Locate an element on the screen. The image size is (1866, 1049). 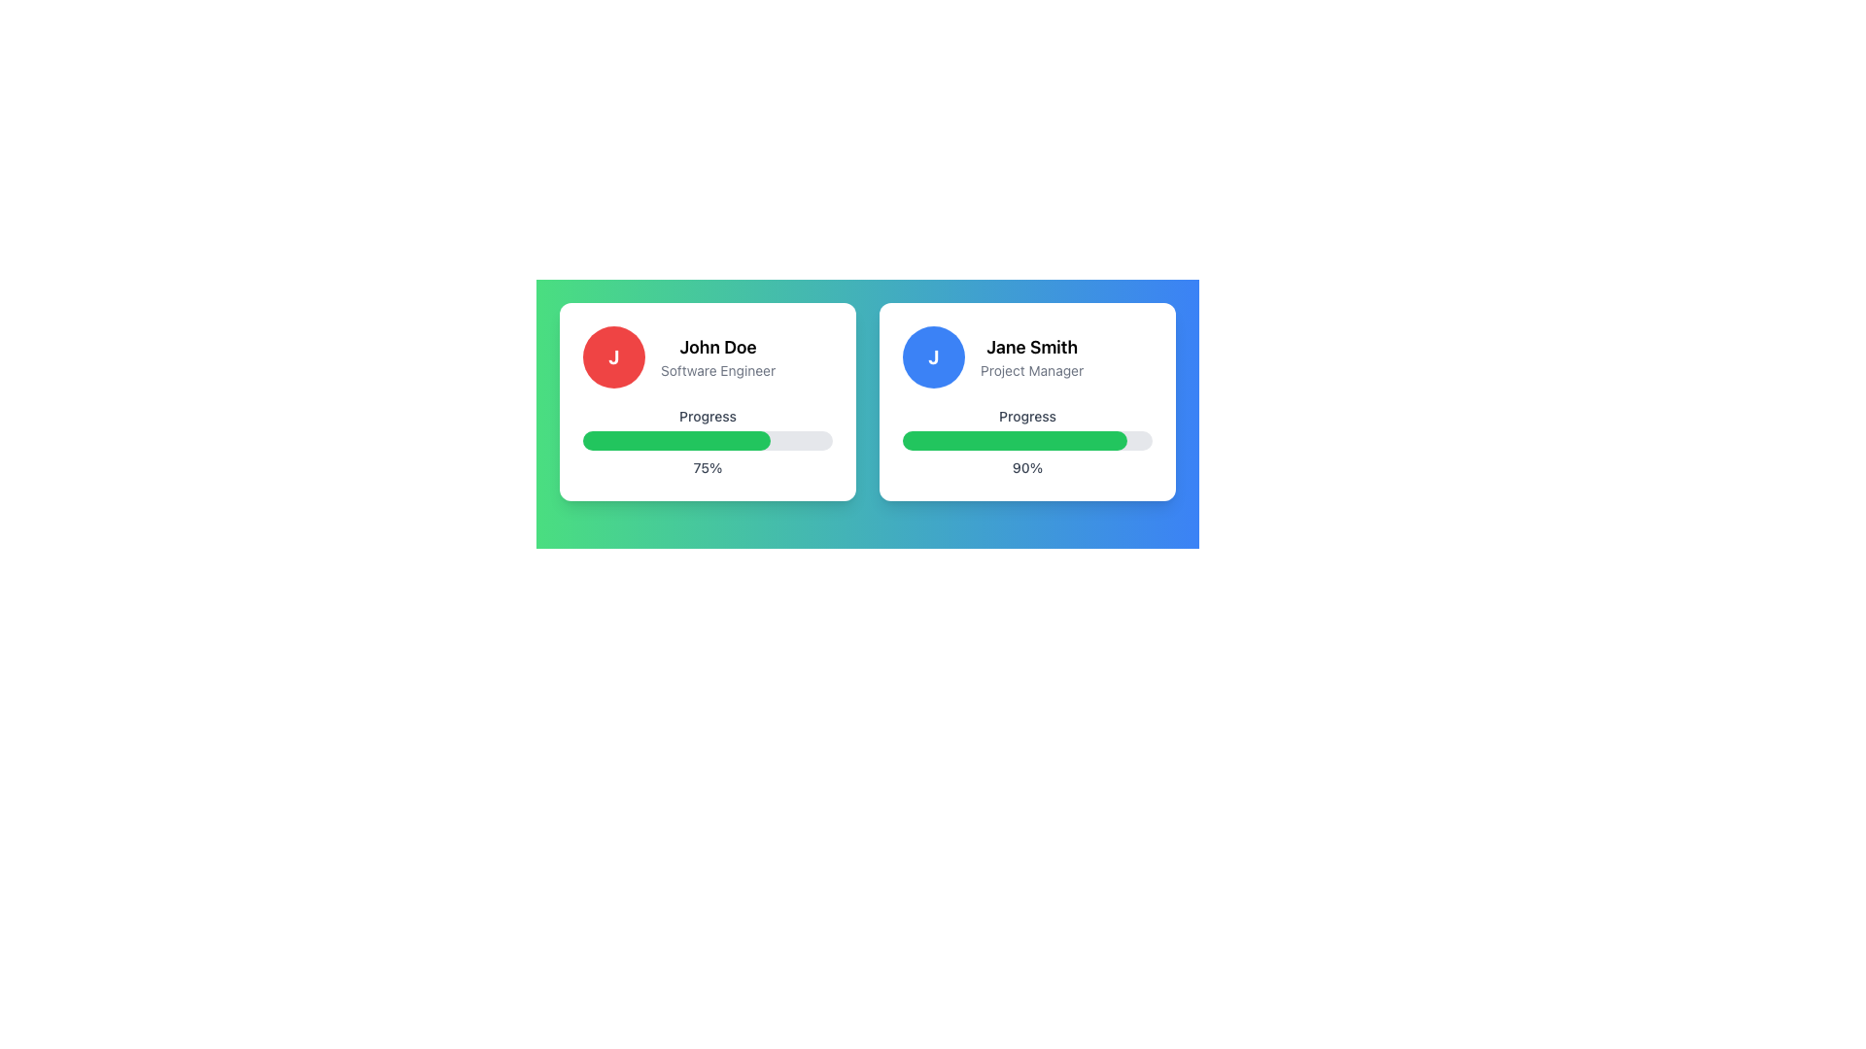
the Profile Card displaying user information, which is the leftmost of two similar cards in the layout is located at coordinates (707, 400).